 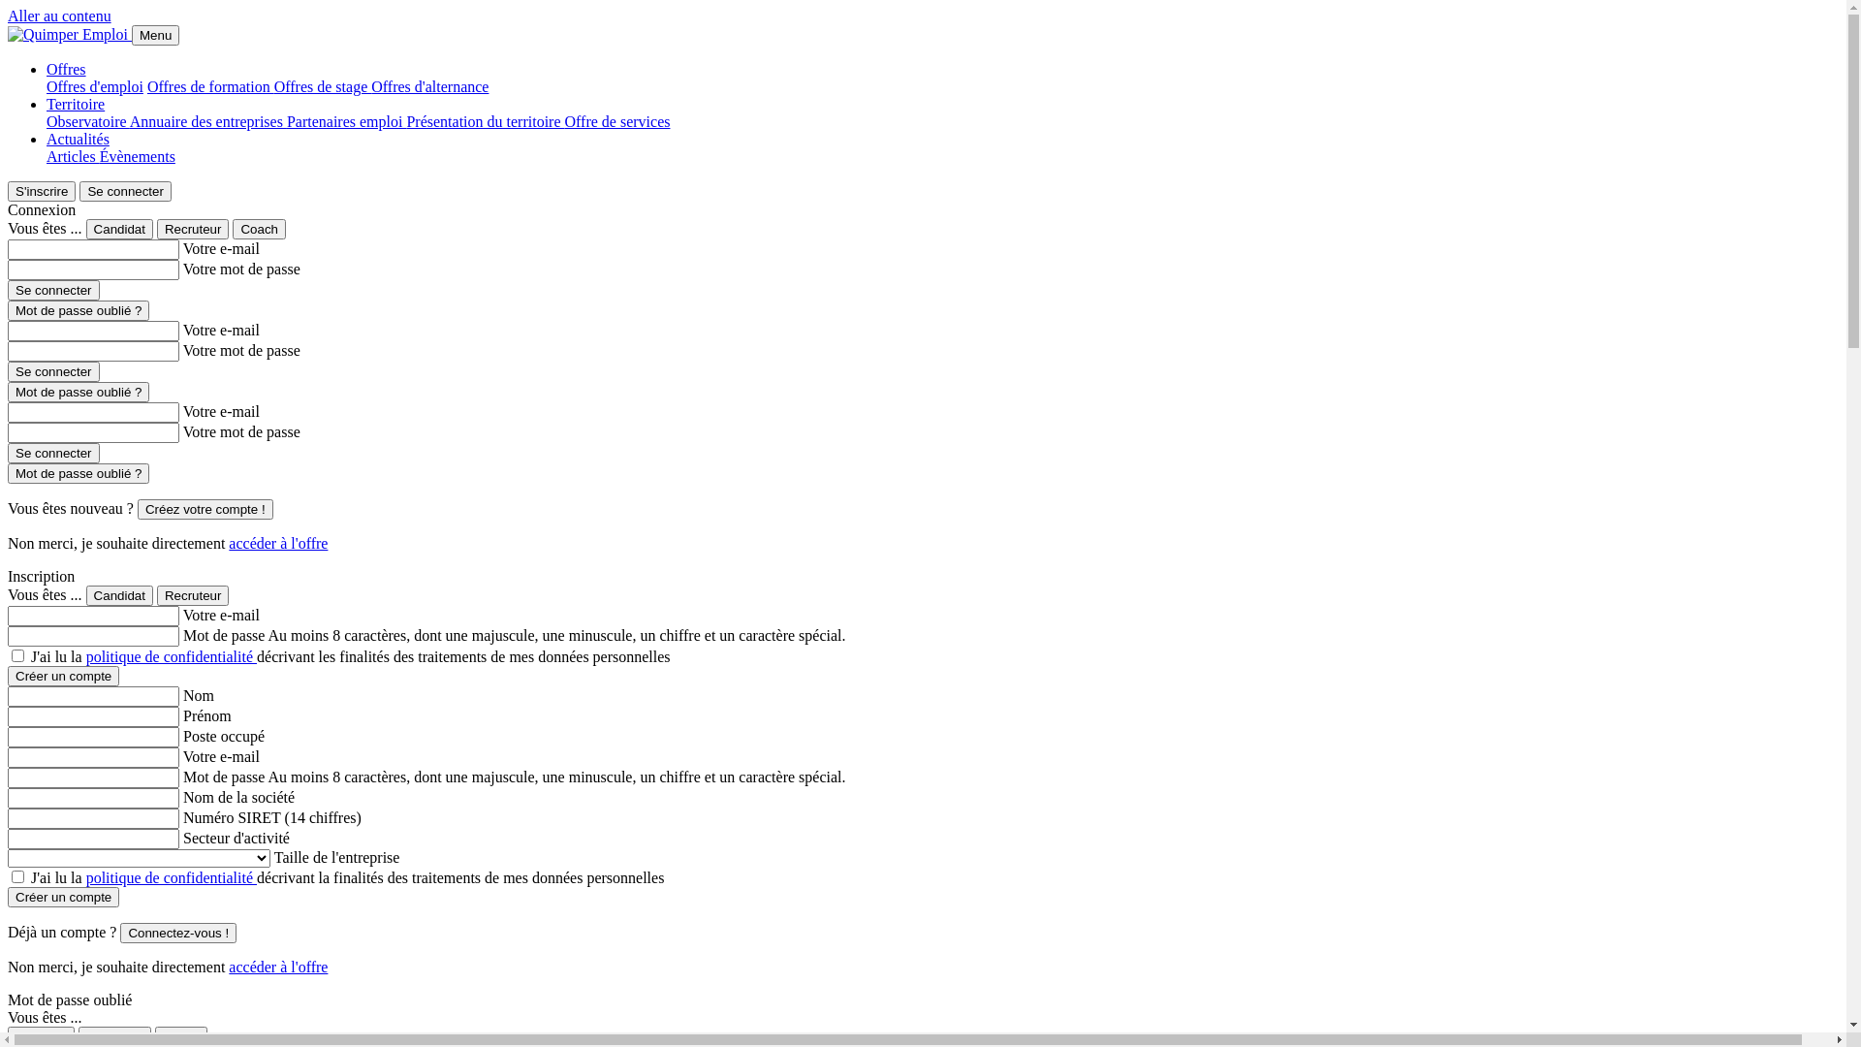 What do you see at coordinates (68, 34) in the screenshot?
I see `'Quimper Emploi'` at bounding box center [68, 34].